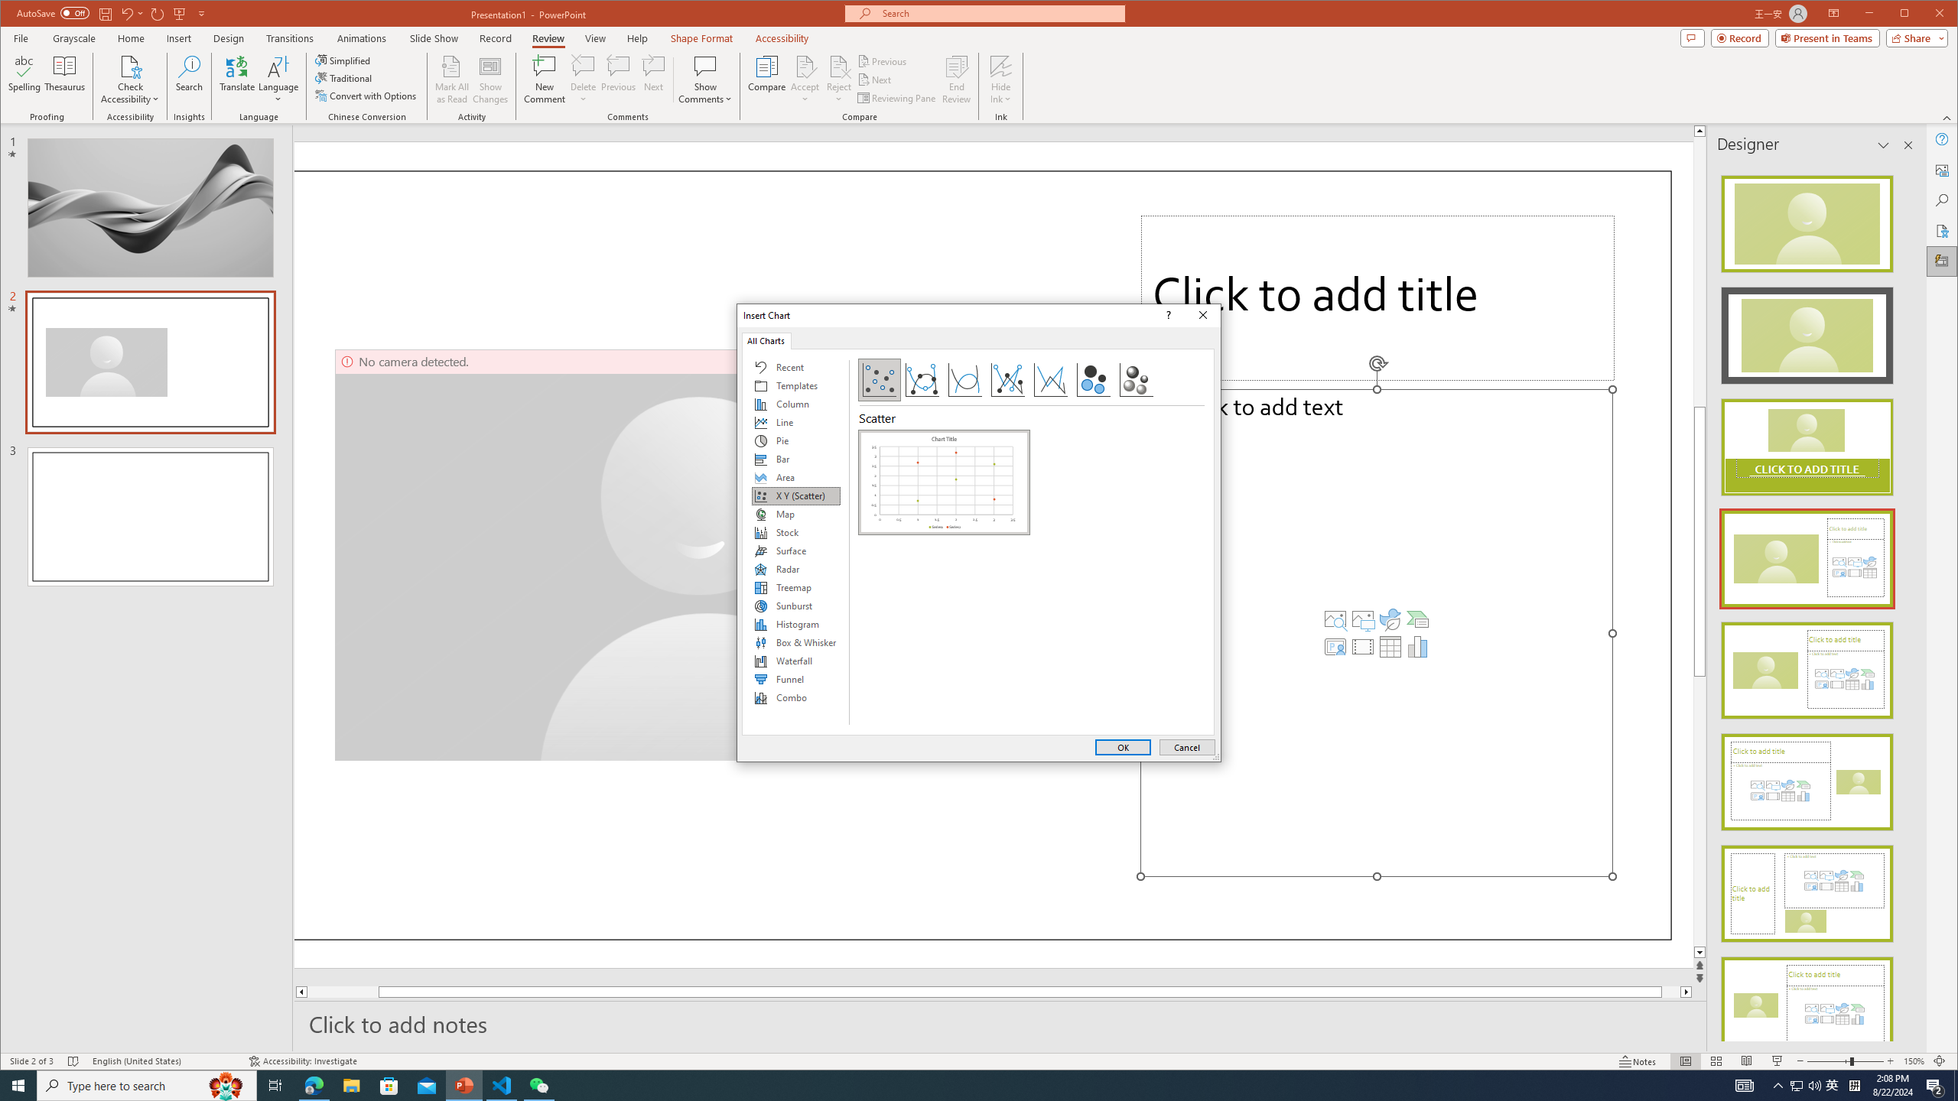 The image size is (1958, 1101). I want to click on 'PowerPoint - 1 running window', so click(464, 1084).